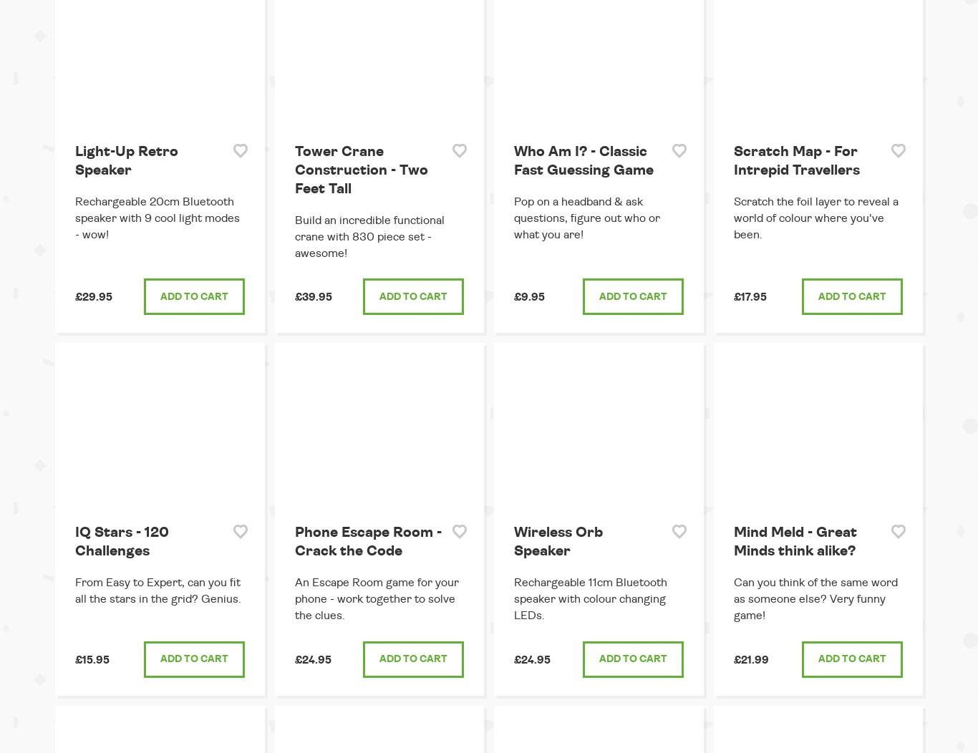 The height and width of the screenshot is (753, 978). I want to click on '£15.95', so click(91, 659).